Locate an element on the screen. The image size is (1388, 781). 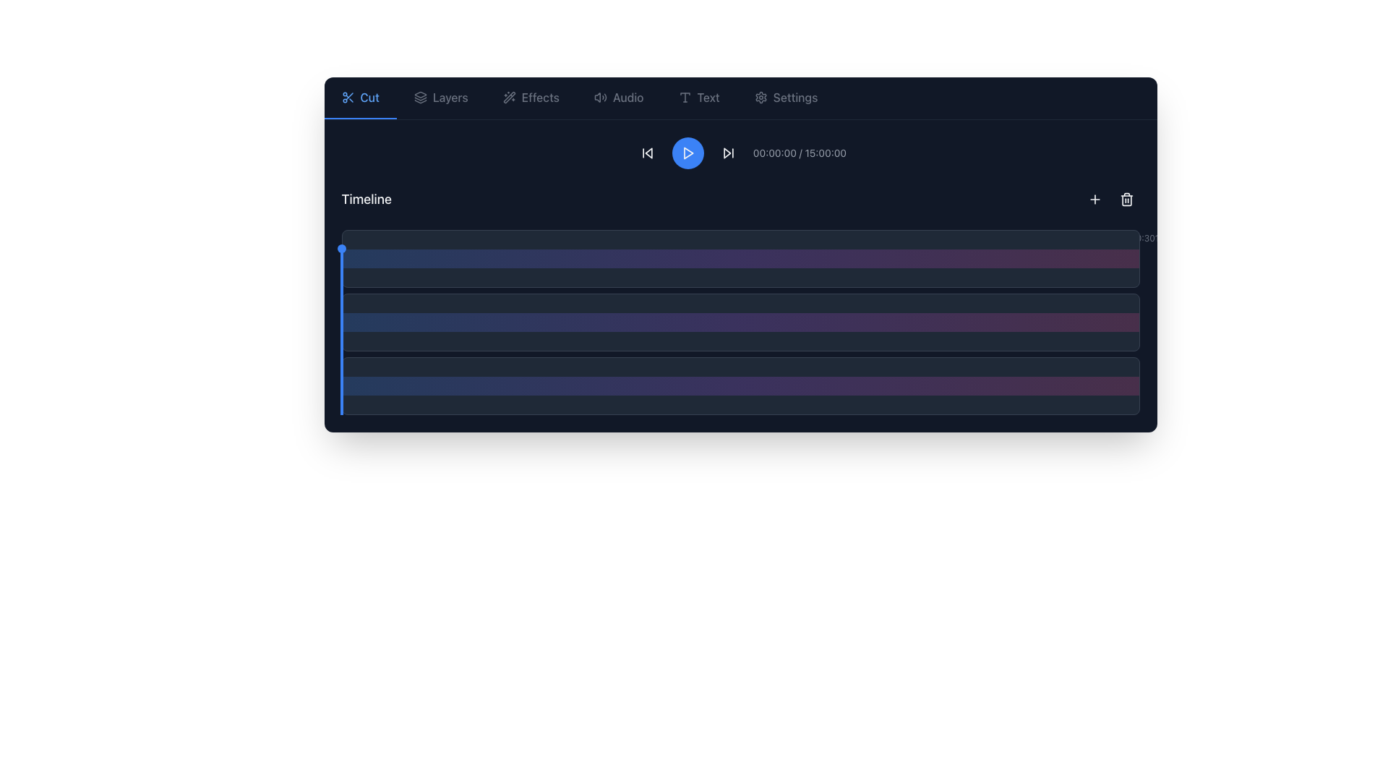
the 'Cut' icon located at the top-left corner of the interface is located at coordinates (348, 98).